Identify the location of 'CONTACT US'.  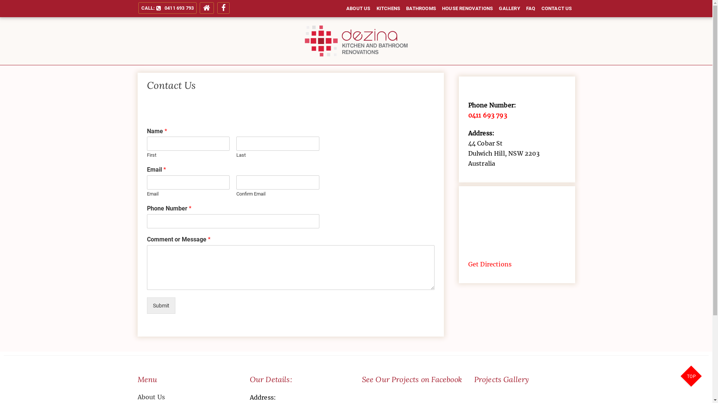
(538, 9).